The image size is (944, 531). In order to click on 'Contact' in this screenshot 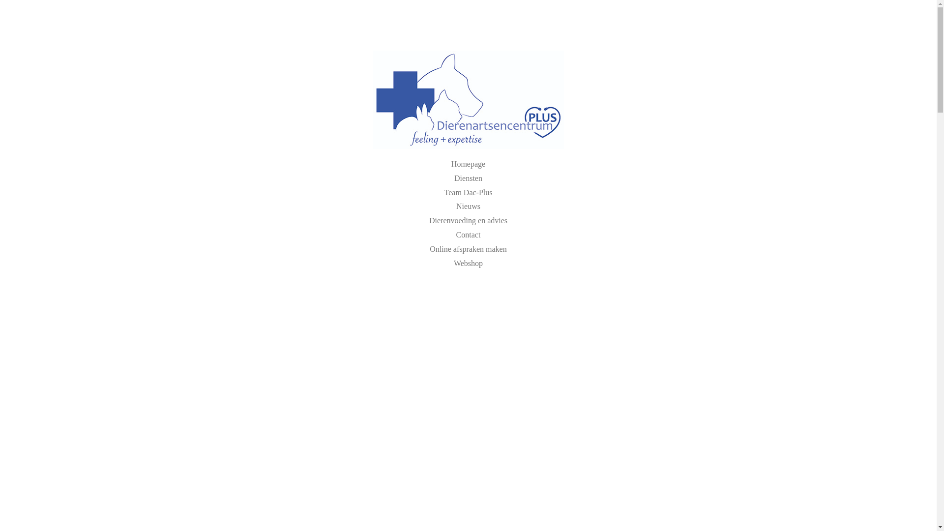, I will do `click(468, 235)`.